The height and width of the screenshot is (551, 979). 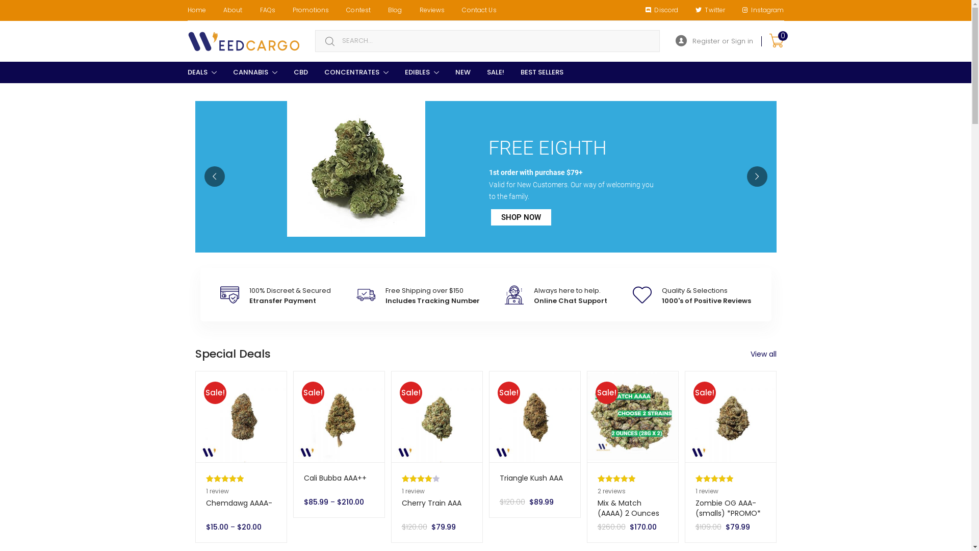 I want to click on 'CBD', so click(x=300, y=72).